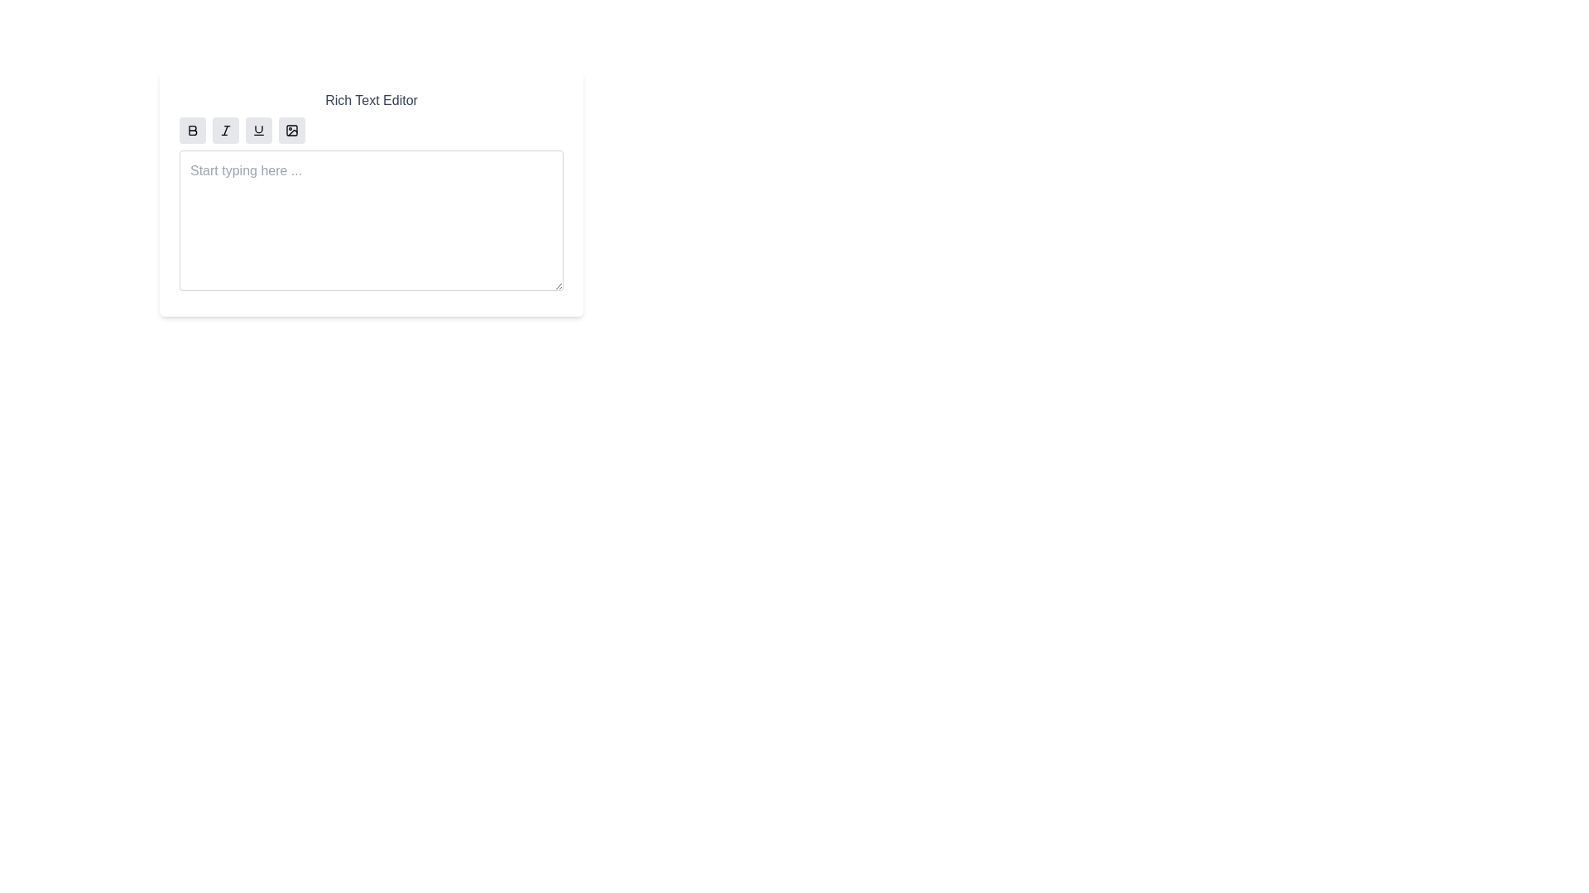 The image size is (1589, 893). I want to click on the text area of the 'Rich Text Editor' for interaction, so click(371, 193).